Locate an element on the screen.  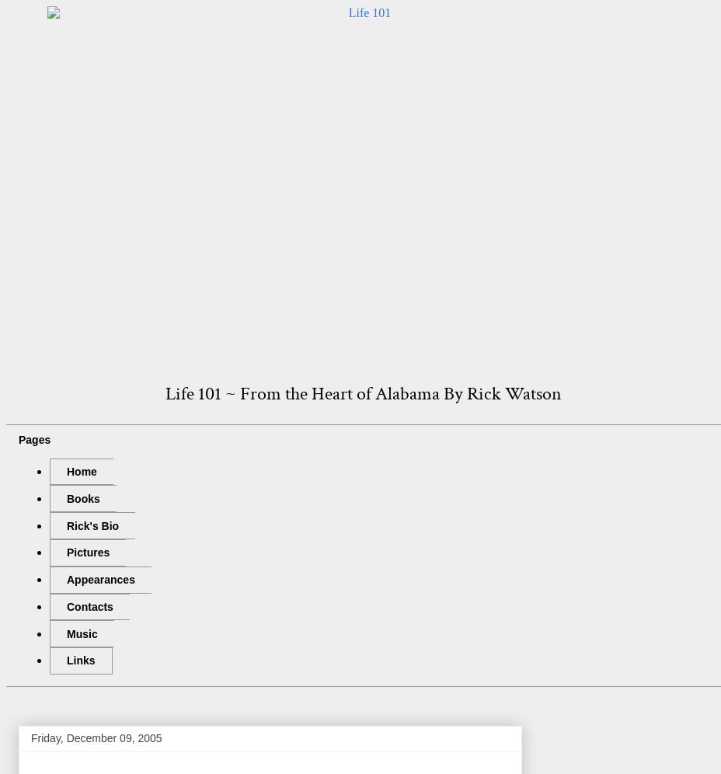
'Pictures' is located at coordinates (66, 552).